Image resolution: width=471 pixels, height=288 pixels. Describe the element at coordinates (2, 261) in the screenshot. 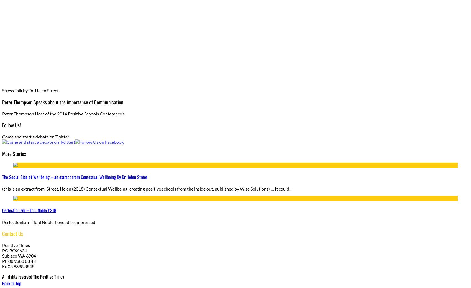

I see `'Ph 08 9388 88 43'` at that location.